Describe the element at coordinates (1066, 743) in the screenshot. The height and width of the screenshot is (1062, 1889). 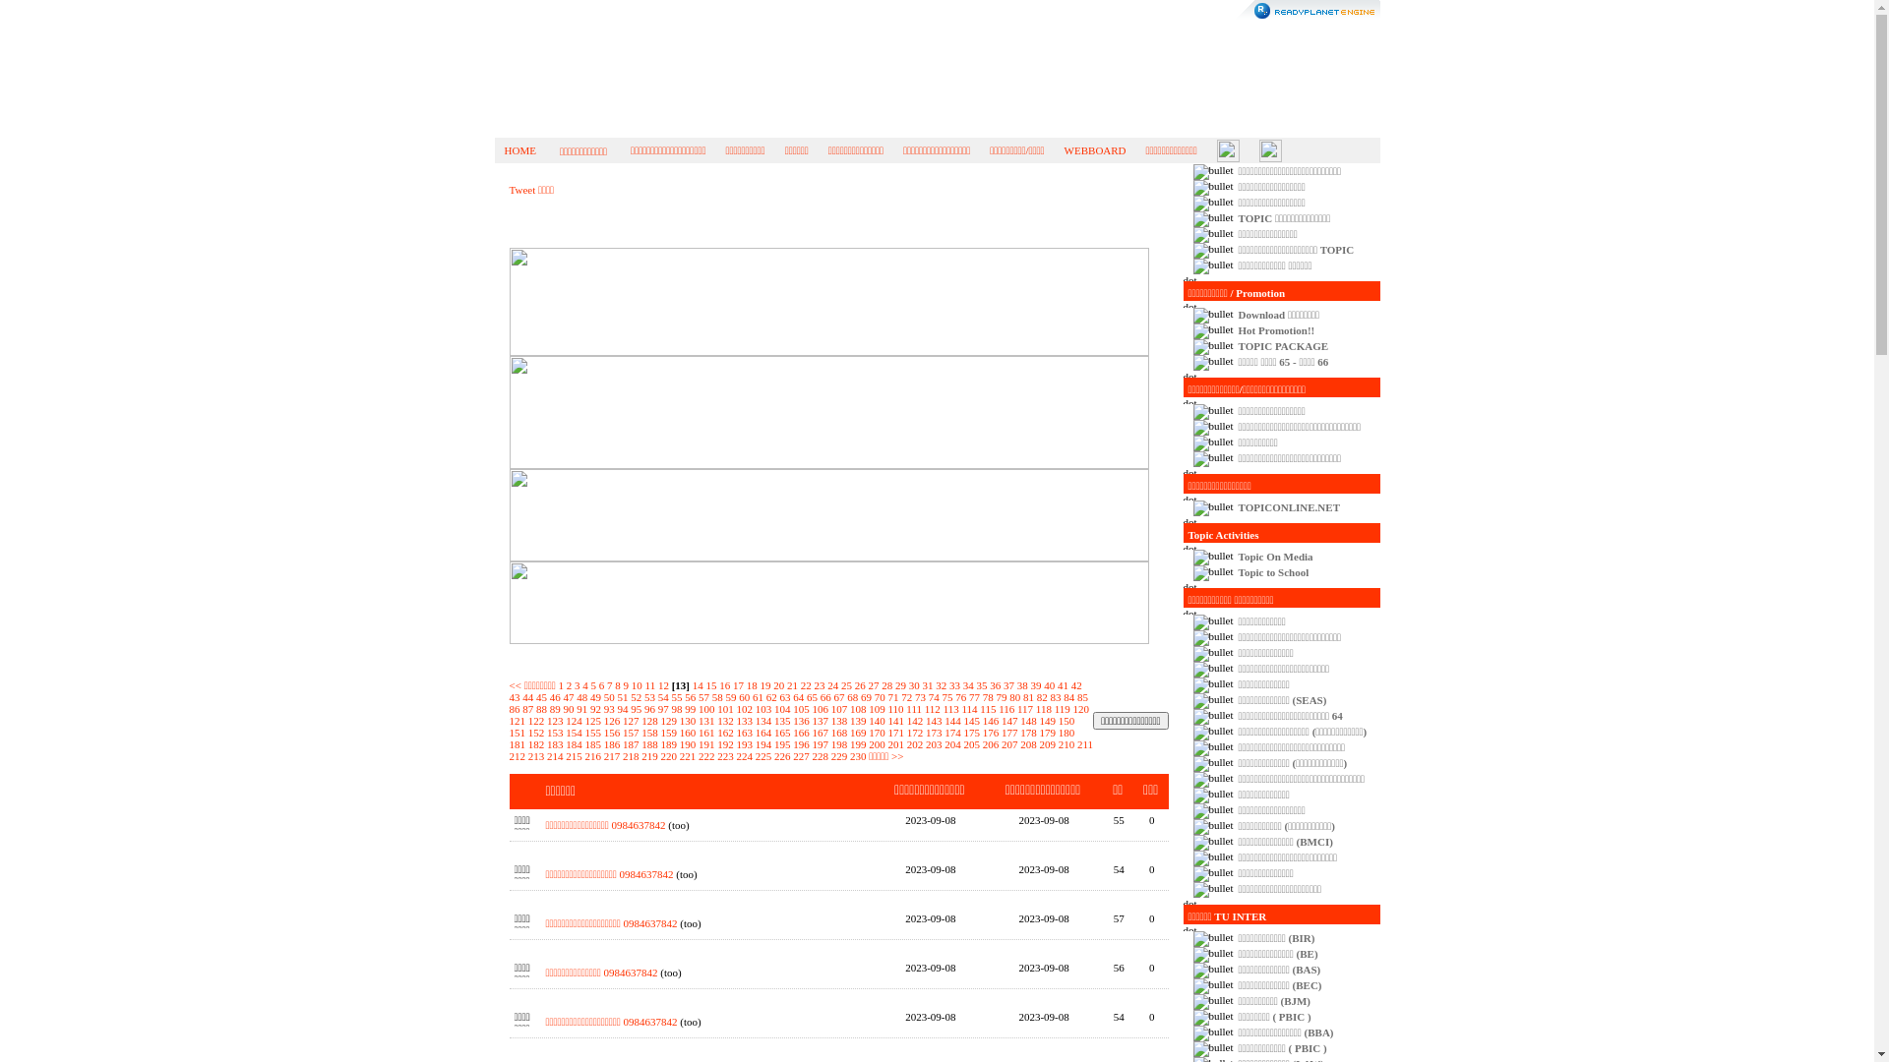
I see `'210'` at that location.